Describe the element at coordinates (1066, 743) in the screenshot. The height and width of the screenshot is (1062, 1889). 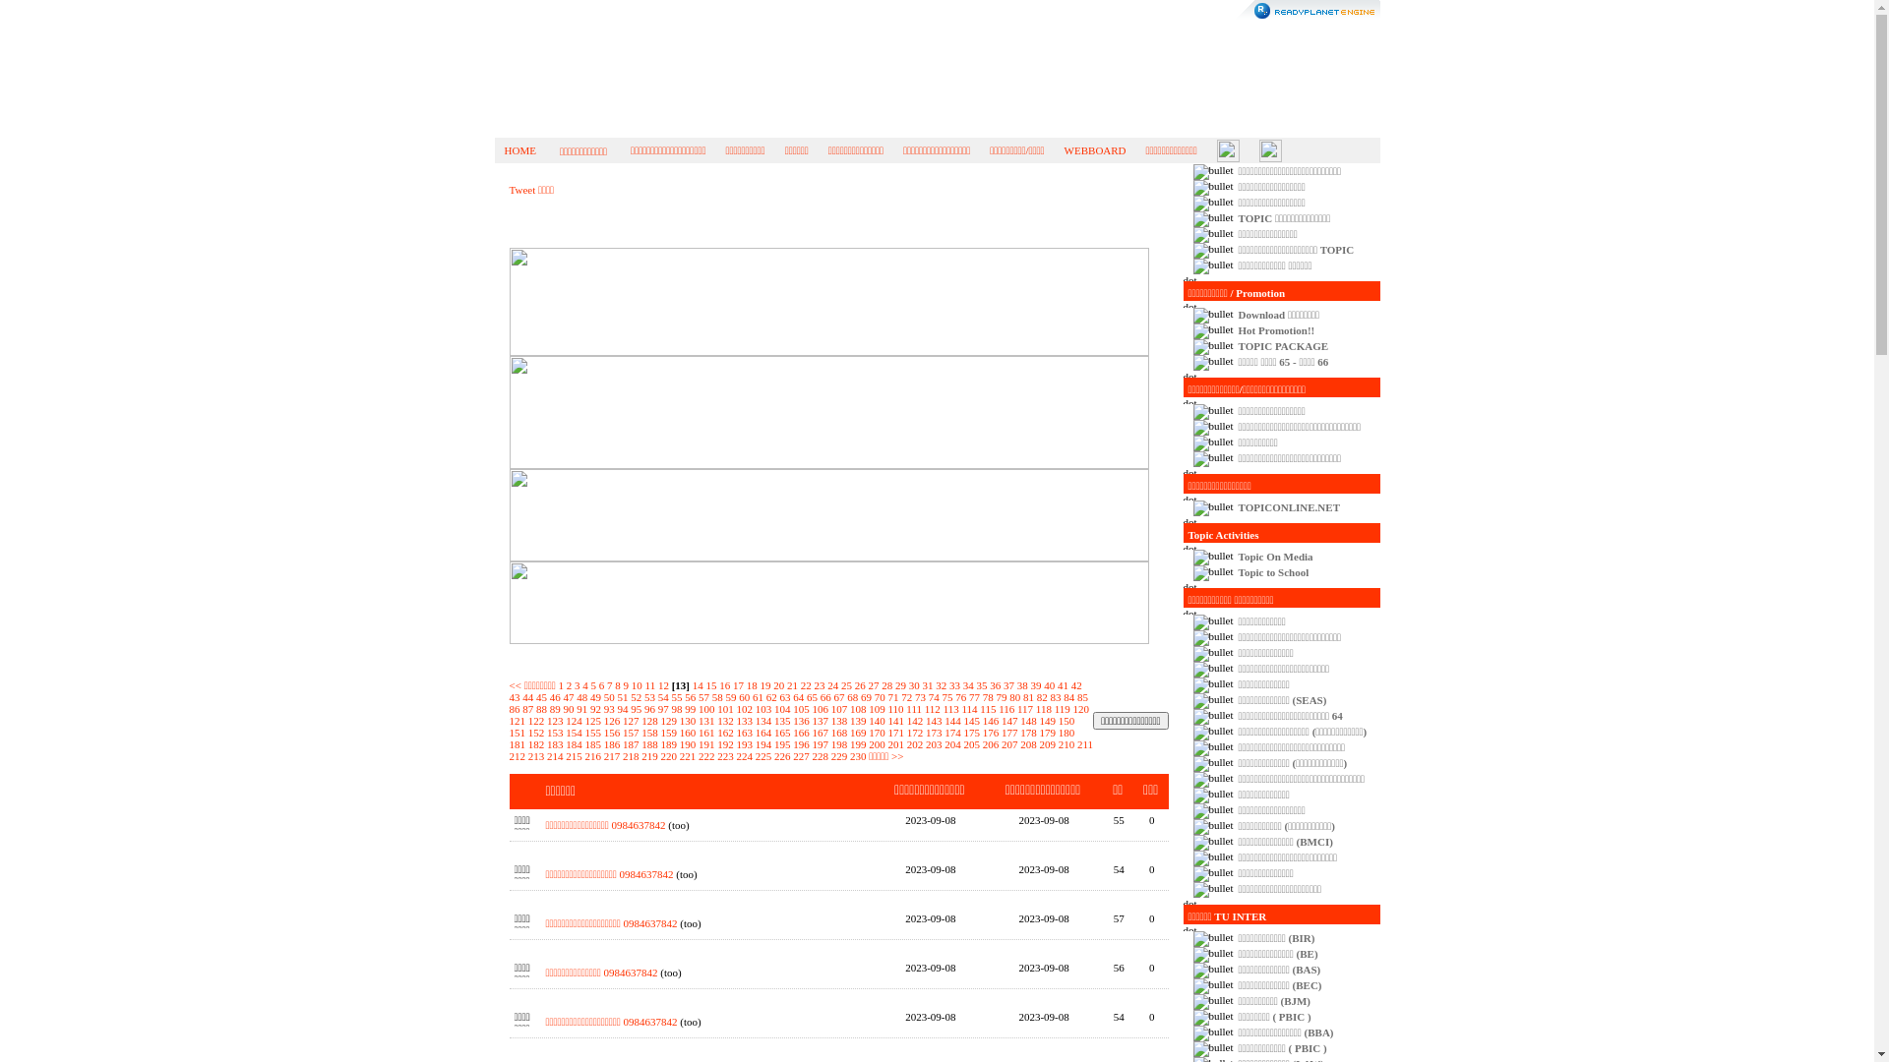
I see `'210'` at that location.